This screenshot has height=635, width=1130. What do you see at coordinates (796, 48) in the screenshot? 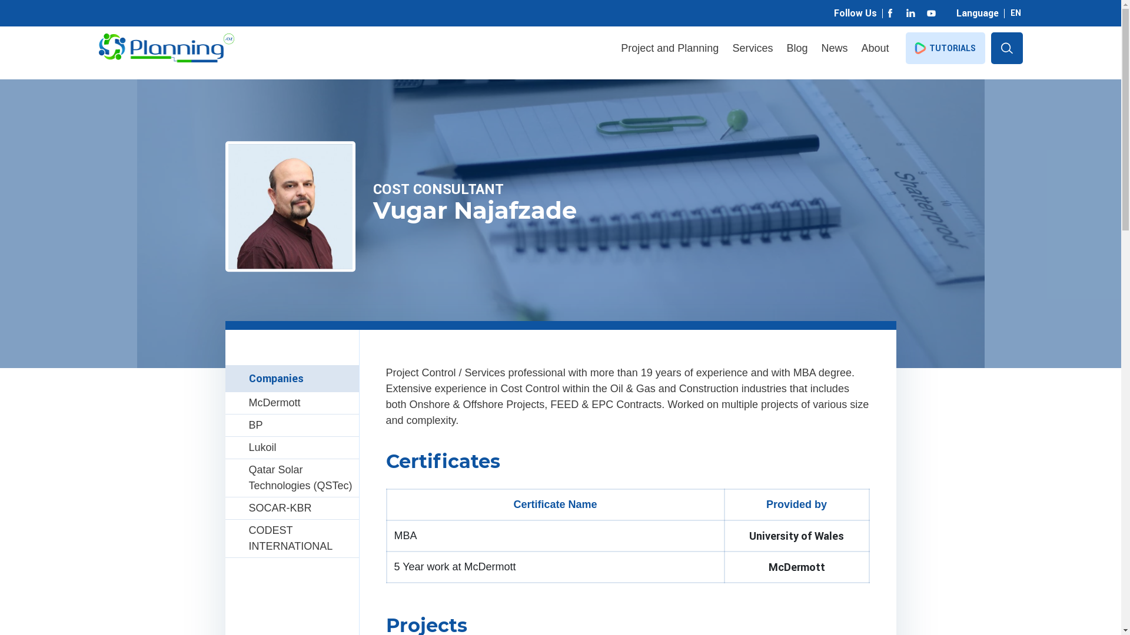
I see `'Blog'` at bounding box center [796, 48].